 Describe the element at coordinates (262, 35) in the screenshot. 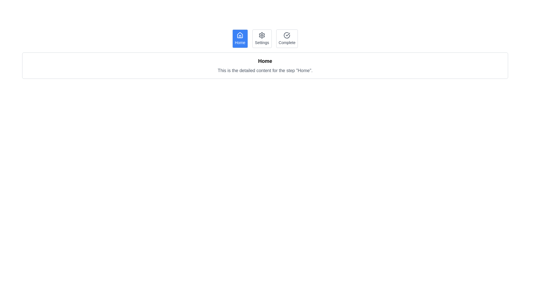

I see `the 'Settings' button, which is the second button from the left in a horizontal series of buttons labeled 'Home', 'Settings', and 'Complete'` at that location.